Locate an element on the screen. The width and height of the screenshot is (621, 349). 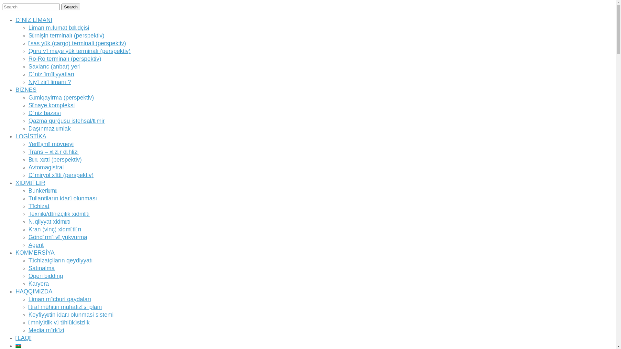
'Open bidding' is located at coordinates (45, 276).